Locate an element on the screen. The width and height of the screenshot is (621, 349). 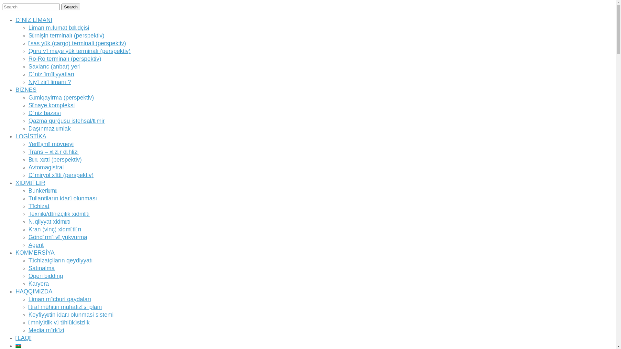
'Open bidding' is located at coordinates (45, 276).